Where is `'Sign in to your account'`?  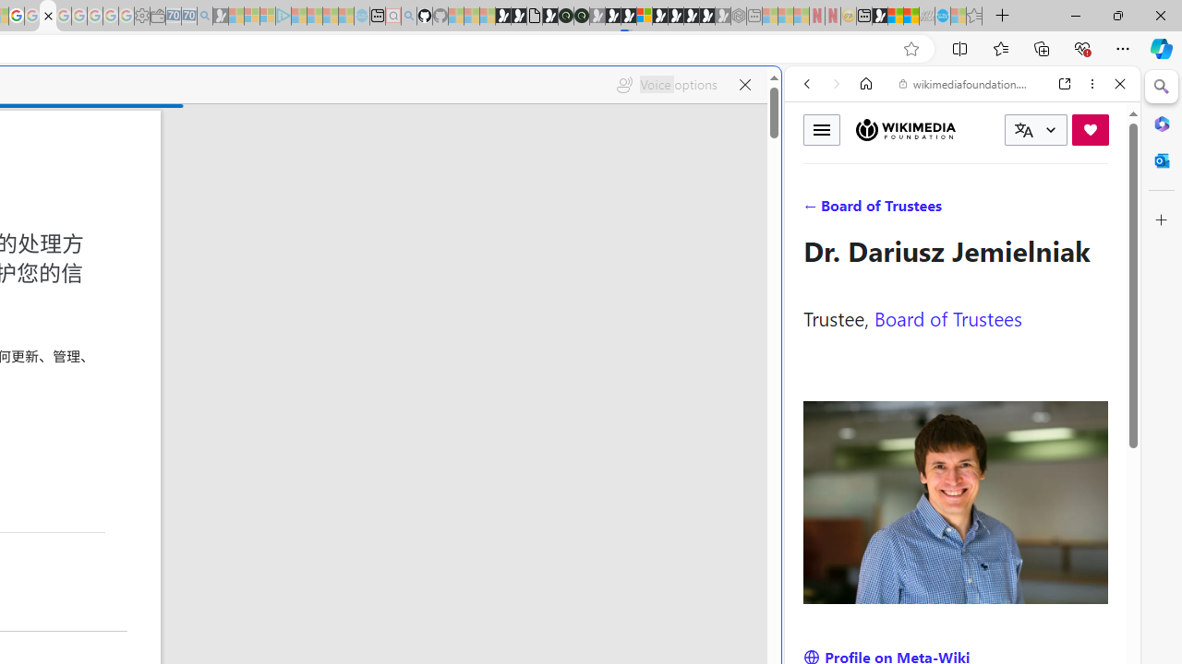
'Sign in to your account' is located at coordinates (645, 16).